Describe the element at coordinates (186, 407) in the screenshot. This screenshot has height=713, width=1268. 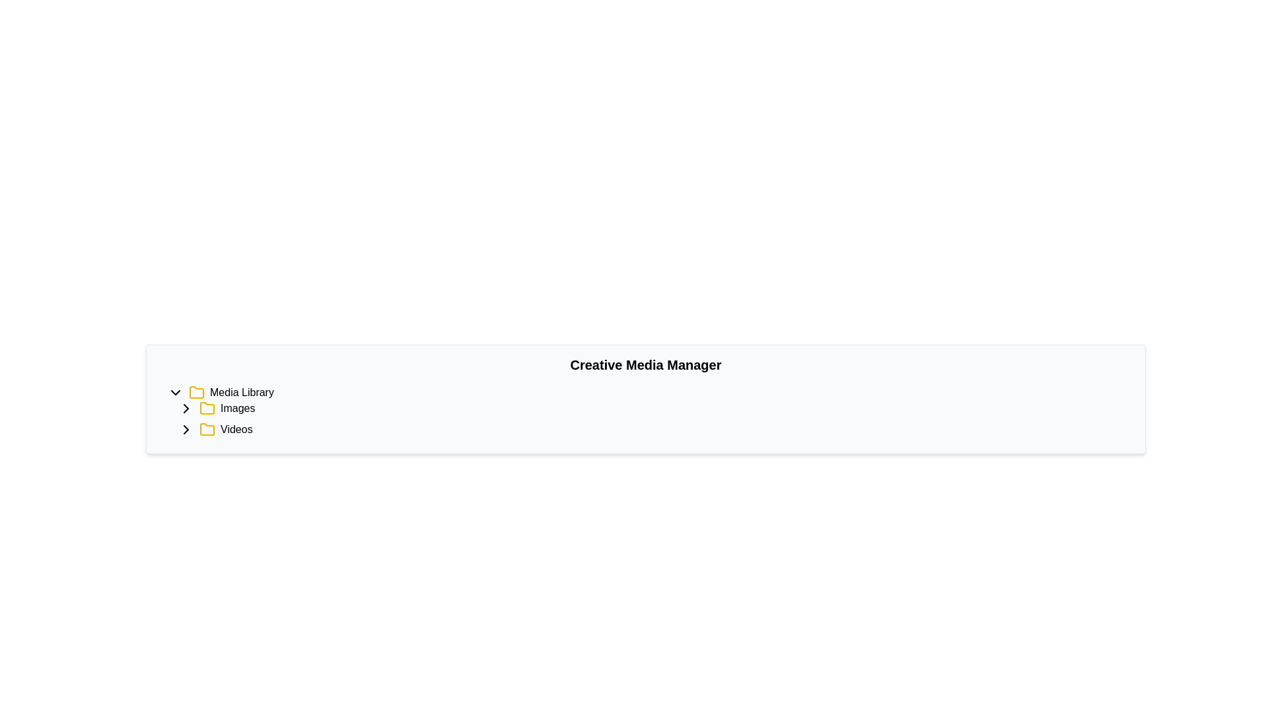
I see `the right-pointing arrow icon button that precedes the 'Images' label` at that location.